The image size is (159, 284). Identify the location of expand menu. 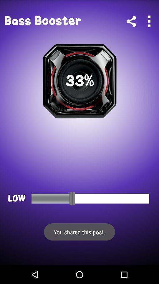
(149, 21).